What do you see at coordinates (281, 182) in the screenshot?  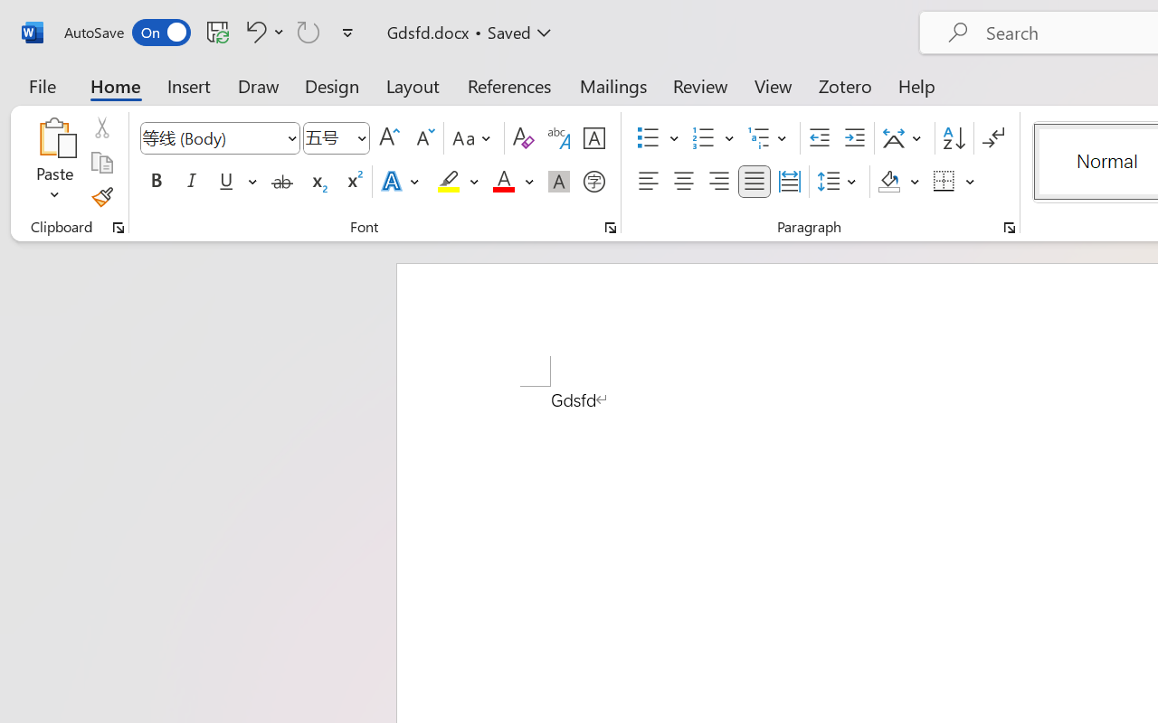 I see `'Strikethrough'` at bounding box center [281, 182].